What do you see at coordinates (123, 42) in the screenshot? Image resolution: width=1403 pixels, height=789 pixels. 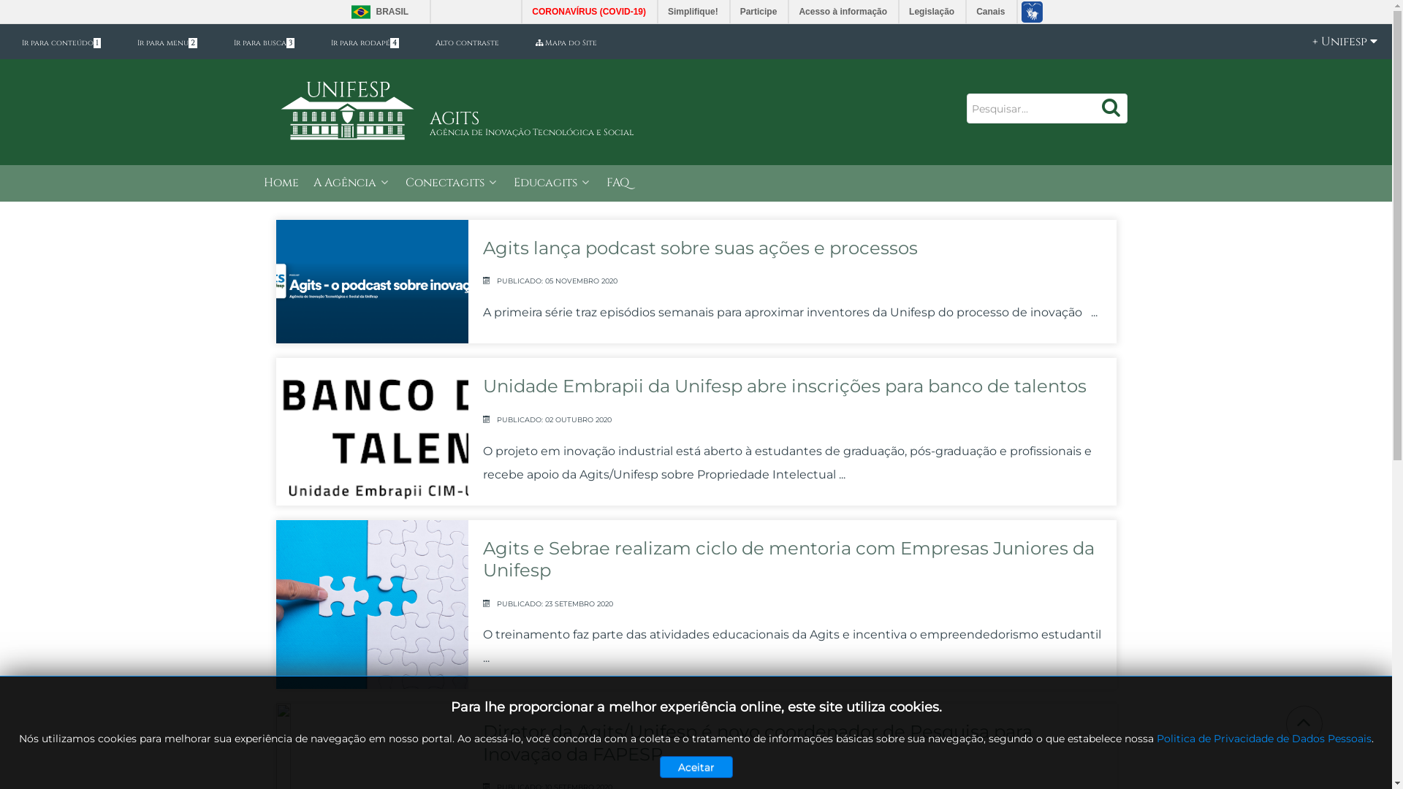 I see `'Ir para menu2'` at bounding box center [123, 42].